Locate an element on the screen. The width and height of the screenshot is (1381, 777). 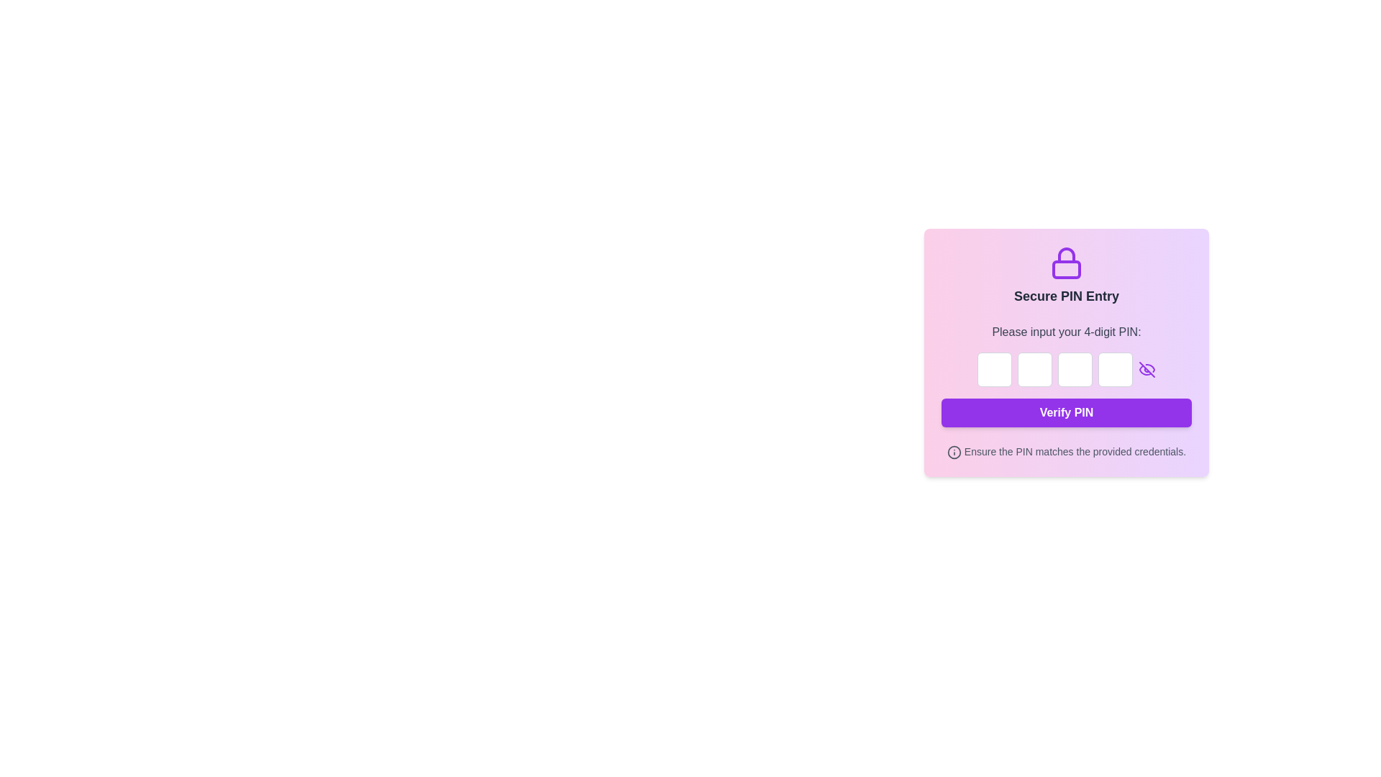
the visibility toggle button, which appears as an eye with a strikethrough and is styled in purple, located to the immediate right of the last input field in the PIN entry section is located at coordinates (1146, 368).